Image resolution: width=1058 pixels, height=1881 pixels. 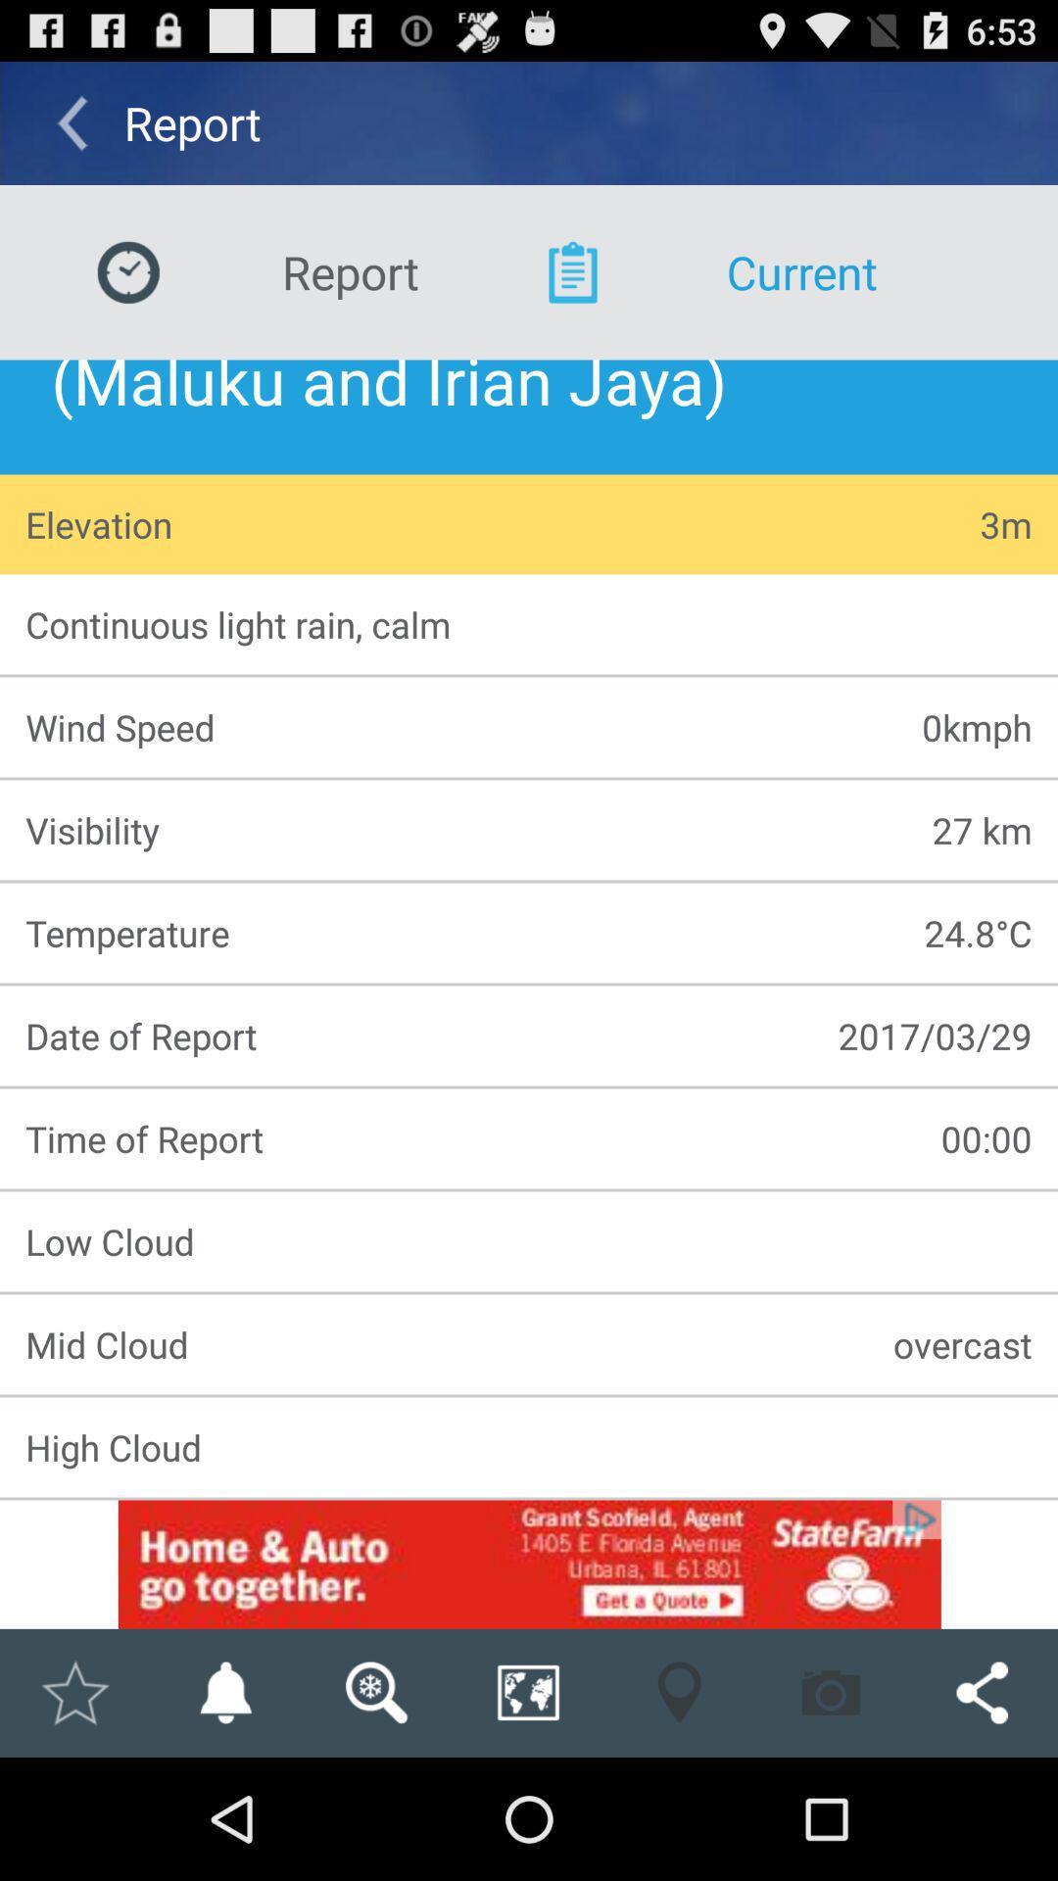 I want to click on the star icon, so click(x=73, y=1810).